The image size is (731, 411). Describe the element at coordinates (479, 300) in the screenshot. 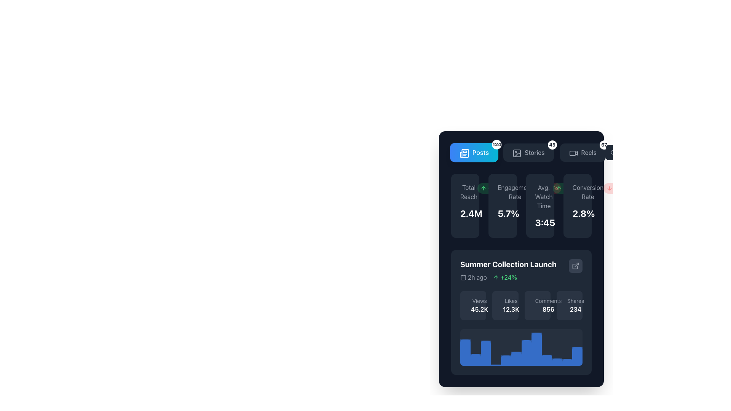

I see `the 'Views' text label, which is light gray and styled with a sans-serif font, located below the header 'Summer Collection Launch' and to the left of the number '45.2K'` at that location.